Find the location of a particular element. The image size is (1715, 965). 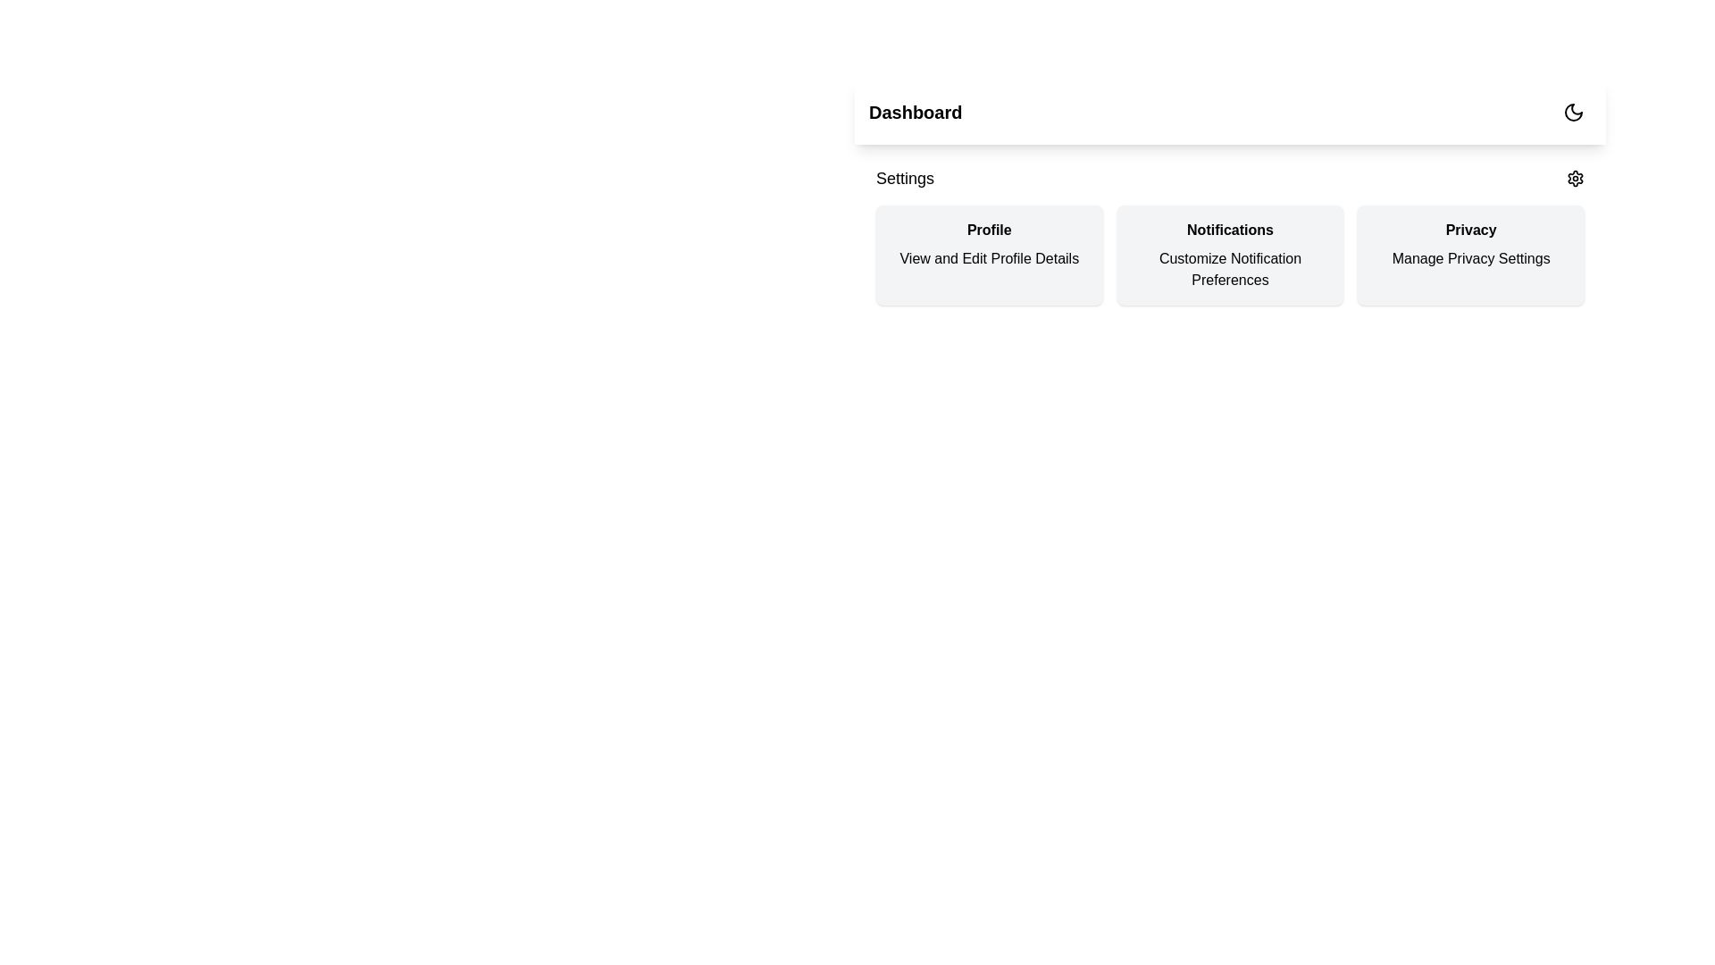

the text label for 'Notifications' which serves as a heading for the section related to notification settings is located at coordinates (1229, 230).